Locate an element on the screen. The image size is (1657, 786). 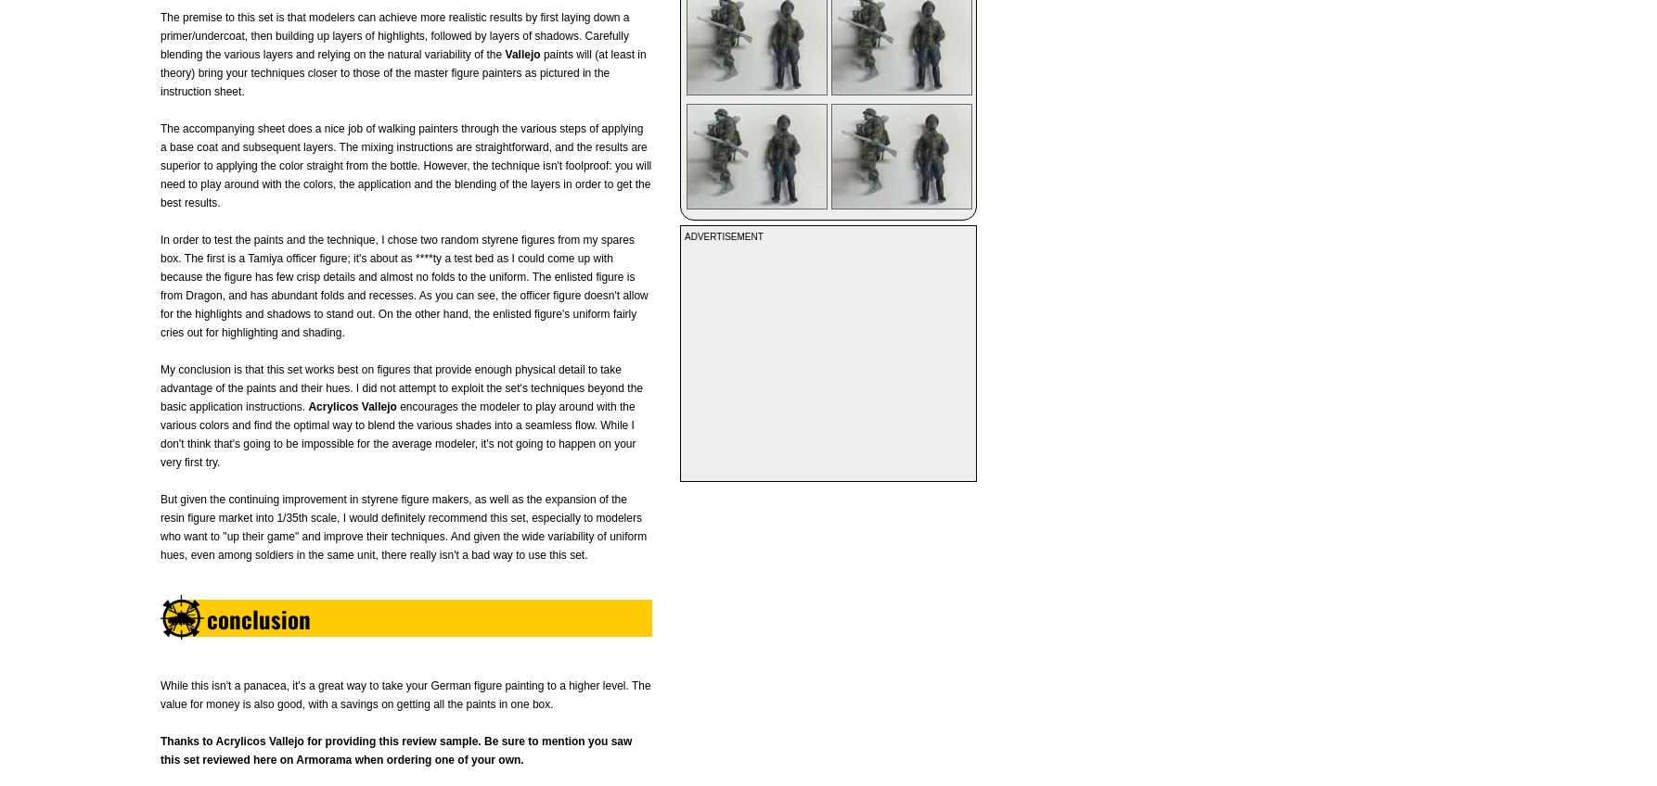
'encourages the modeler to play around with the various colors and find the optimal way to blend the various shades into a seamless flow. While I don't think that's going to be impossible for the average modeler, it's not going to happen on your very first try.' is located at coordinates (397, 434).